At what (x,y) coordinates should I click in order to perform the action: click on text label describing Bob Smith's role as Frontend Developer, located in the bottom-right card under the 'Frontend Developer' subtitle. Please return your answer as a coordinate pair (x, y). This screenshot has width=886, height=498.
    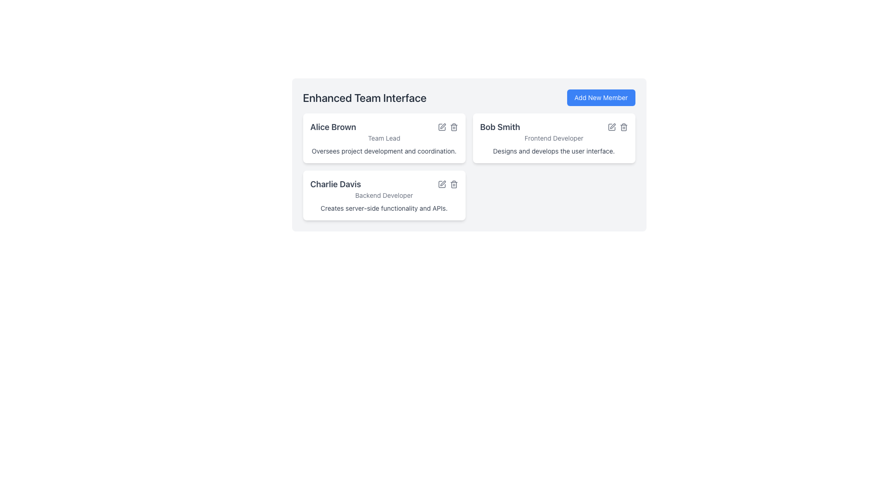
    Looking at the image, I should click on (554, 150).